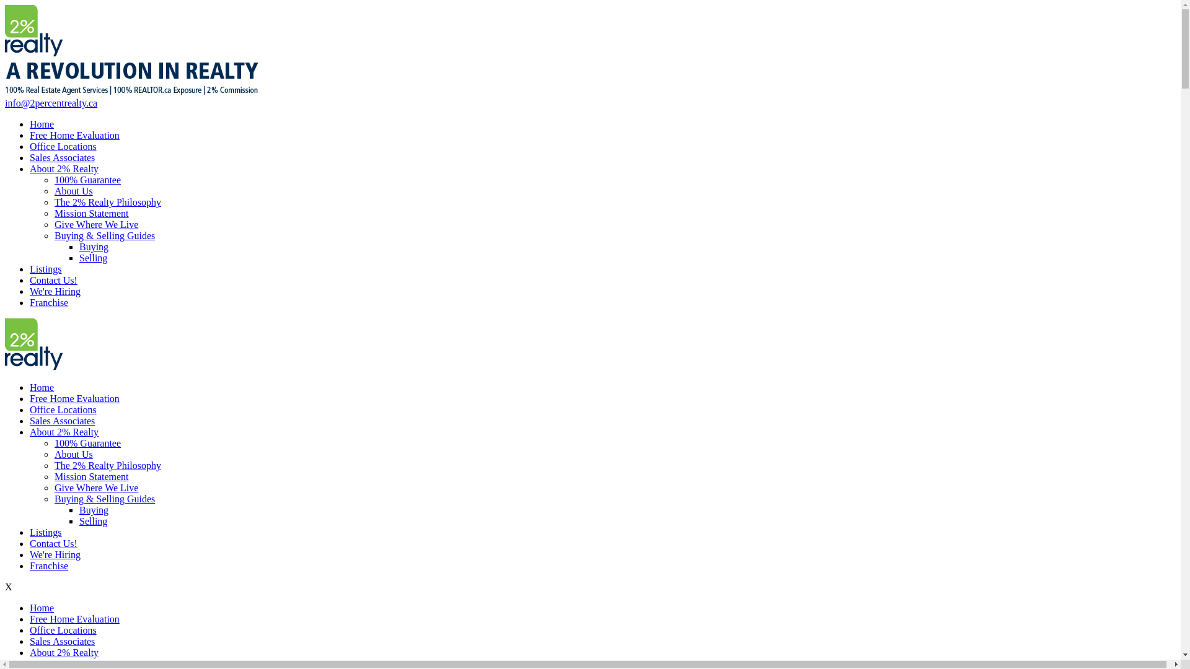  What do you see at coordinates (53, 543) in the screenshot?
I see `'Contact Us!'` at bounding box center [53, 543].